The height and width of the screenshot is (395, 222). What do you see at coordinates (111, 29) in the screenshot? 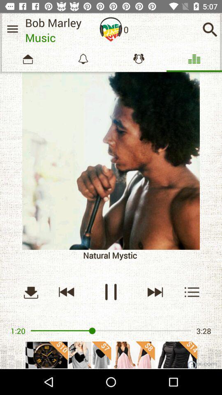
I see `autoplay option` at bounding box center [111, 29].